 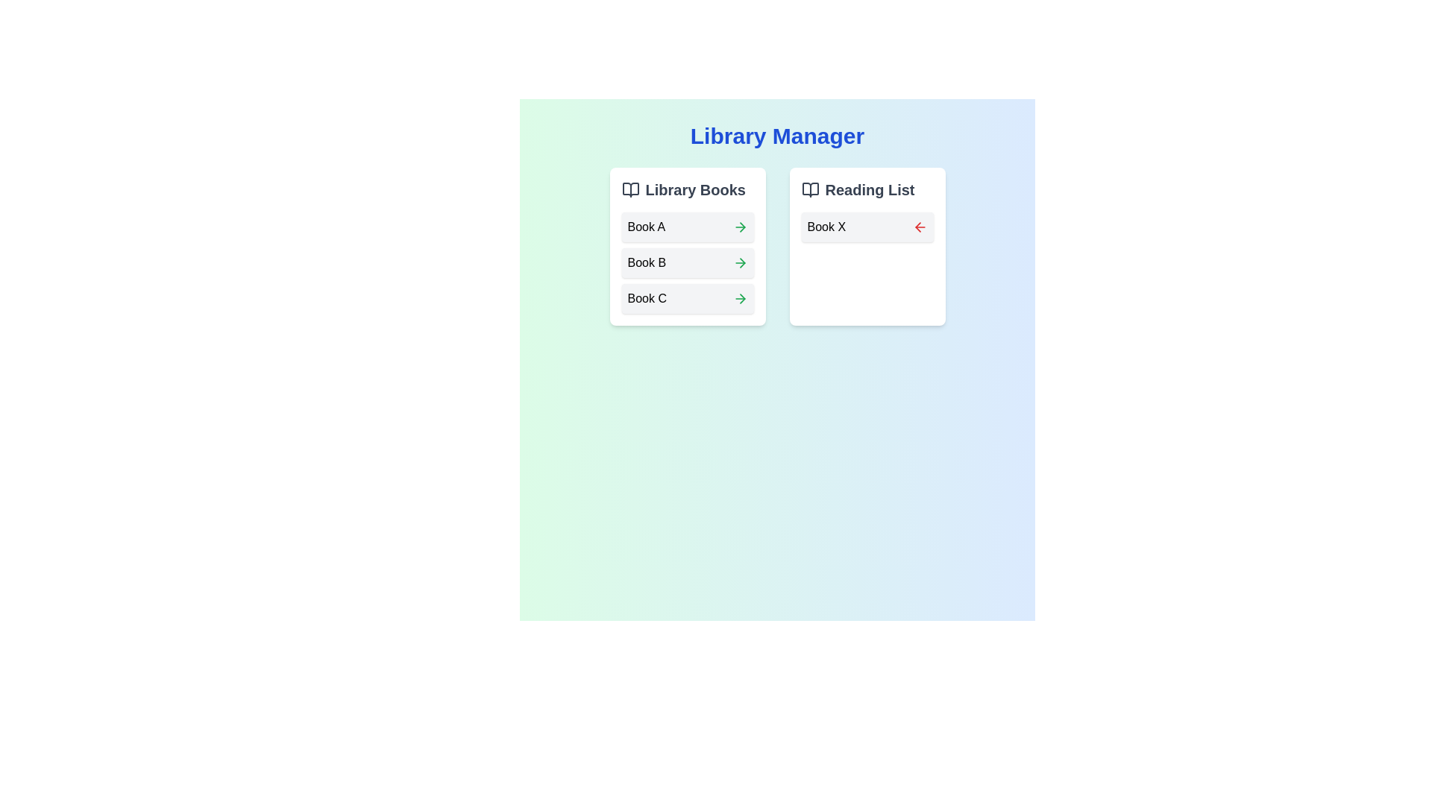 I want to click on the green right arrow icon button next to the 'Book A' entry in the 'Library Books' list to interact with it, so click(x=740, y=227).